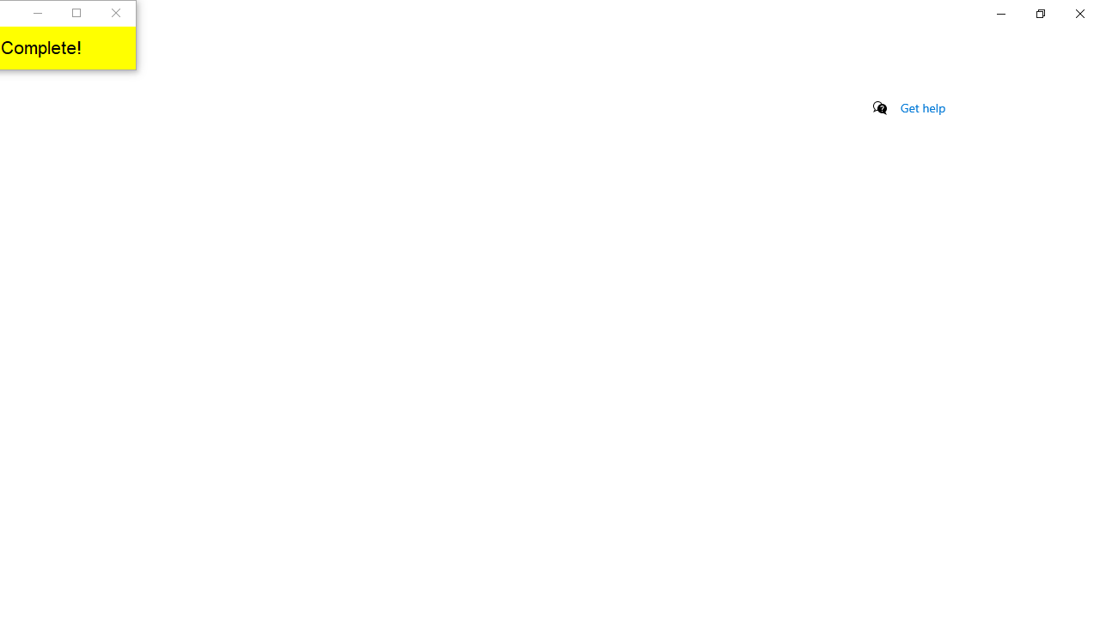 The width and height of the screenshot is (1100, 618). What do you see at coordinates (1079, 13) in the screenshot?
I see `'Close Settings'` at bounding box center [1079, 13].